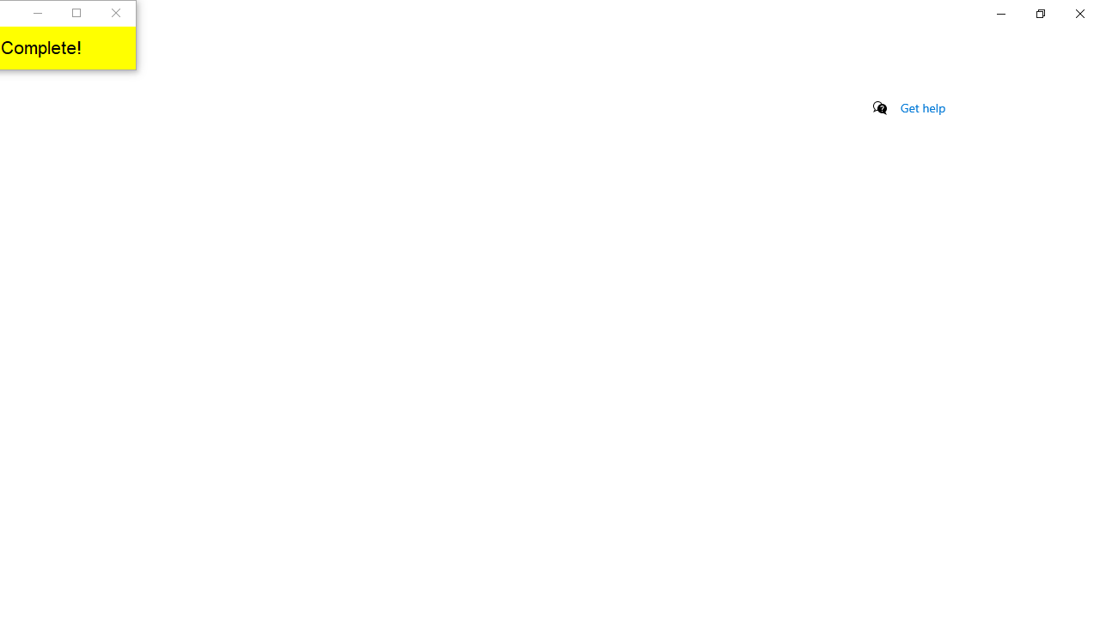 The width and height of the screenshot is (1100, 618). What do you see at coordinates (1079, 13) in the screenshot?
I see `'Close Settings'` at bounding box center [1079, 13].